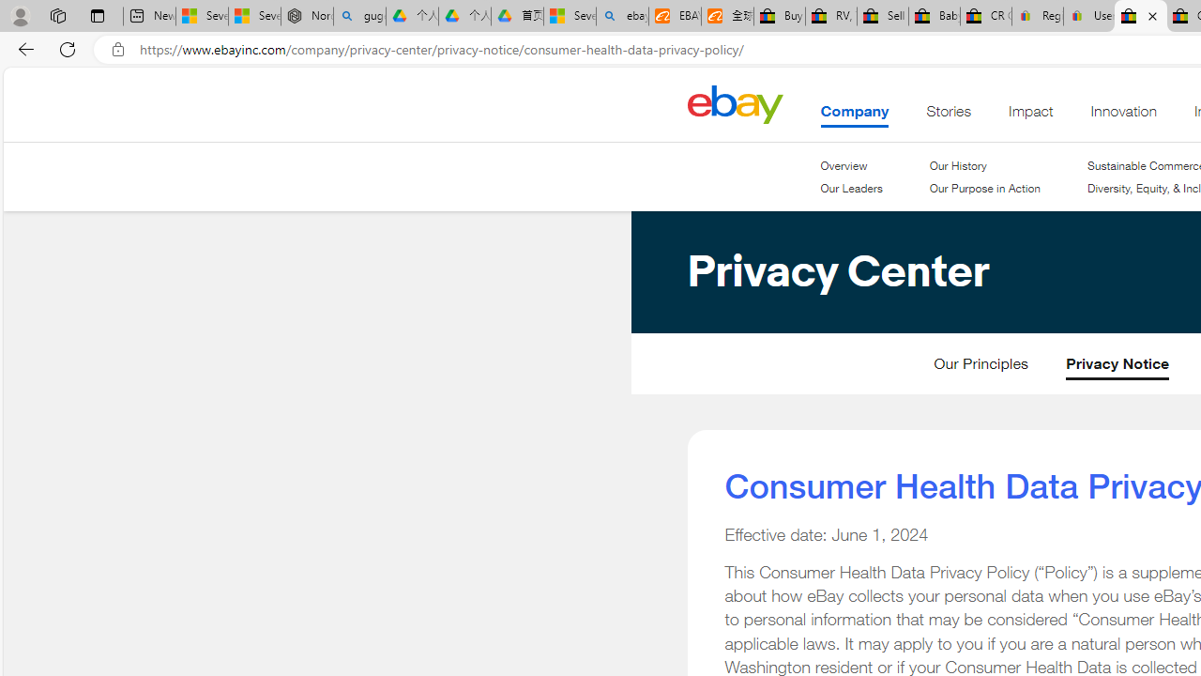 This screenshot has width=1201, height=676. What do you see at coordinates (779, 16) in the screenshot?
I see `'Buy Auto Parts & Accessories | eBay'` at bounding box center [779, 16].